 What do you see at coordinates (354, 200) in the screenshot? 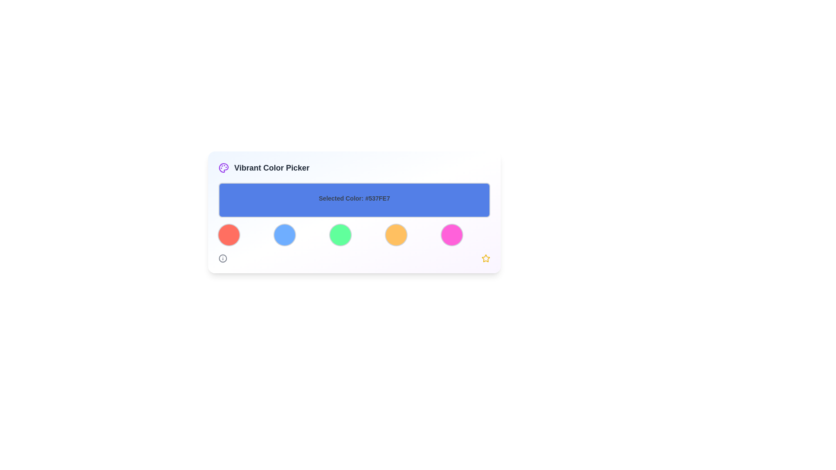
I see `text displayed in the informational Text Label that shows the currently selected color's name and code, located centrally below the header 'Vibrant Color Picker'` at bounding box center [354, 200].